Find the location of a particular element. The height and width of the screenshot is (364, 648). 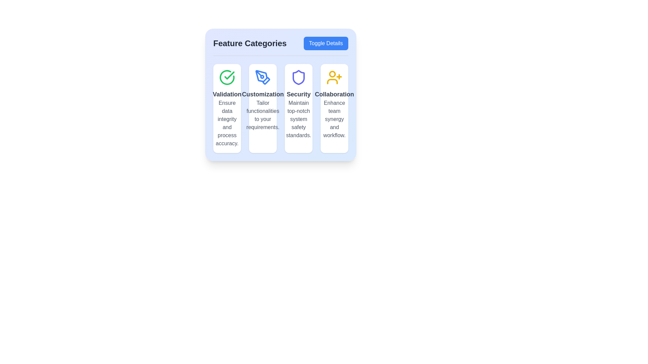

the user icon with a '+' sign on the top right, which is located within the 'Collaboration' card. This icon is the uppermost element in the fourth card of the 'Feature Categories' section is located at coordinates (334, 77).